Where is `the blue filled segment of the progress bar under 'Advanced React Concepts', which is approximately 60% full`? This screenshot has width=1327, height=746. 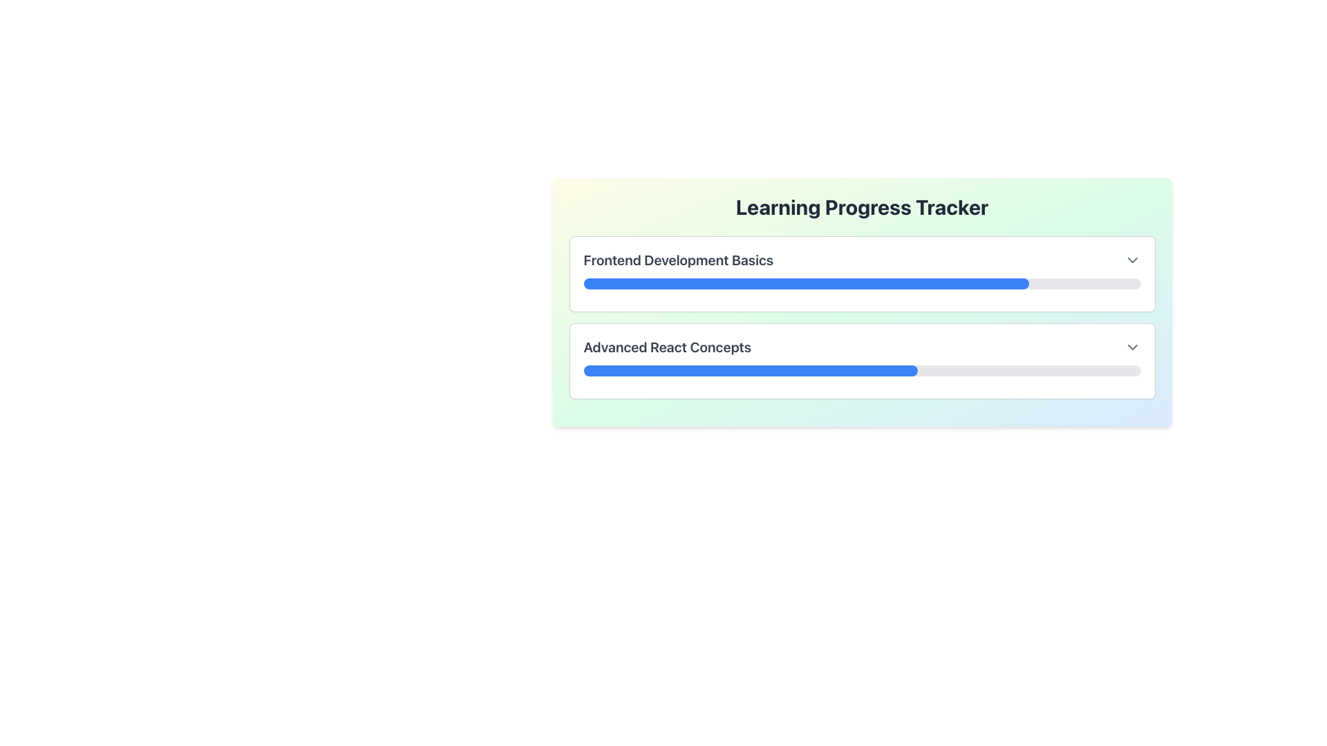
the blue filled segment of the progress bar under 'Advanced React Concepts', which is approximately 60% full is located at coordinates (750, 370).